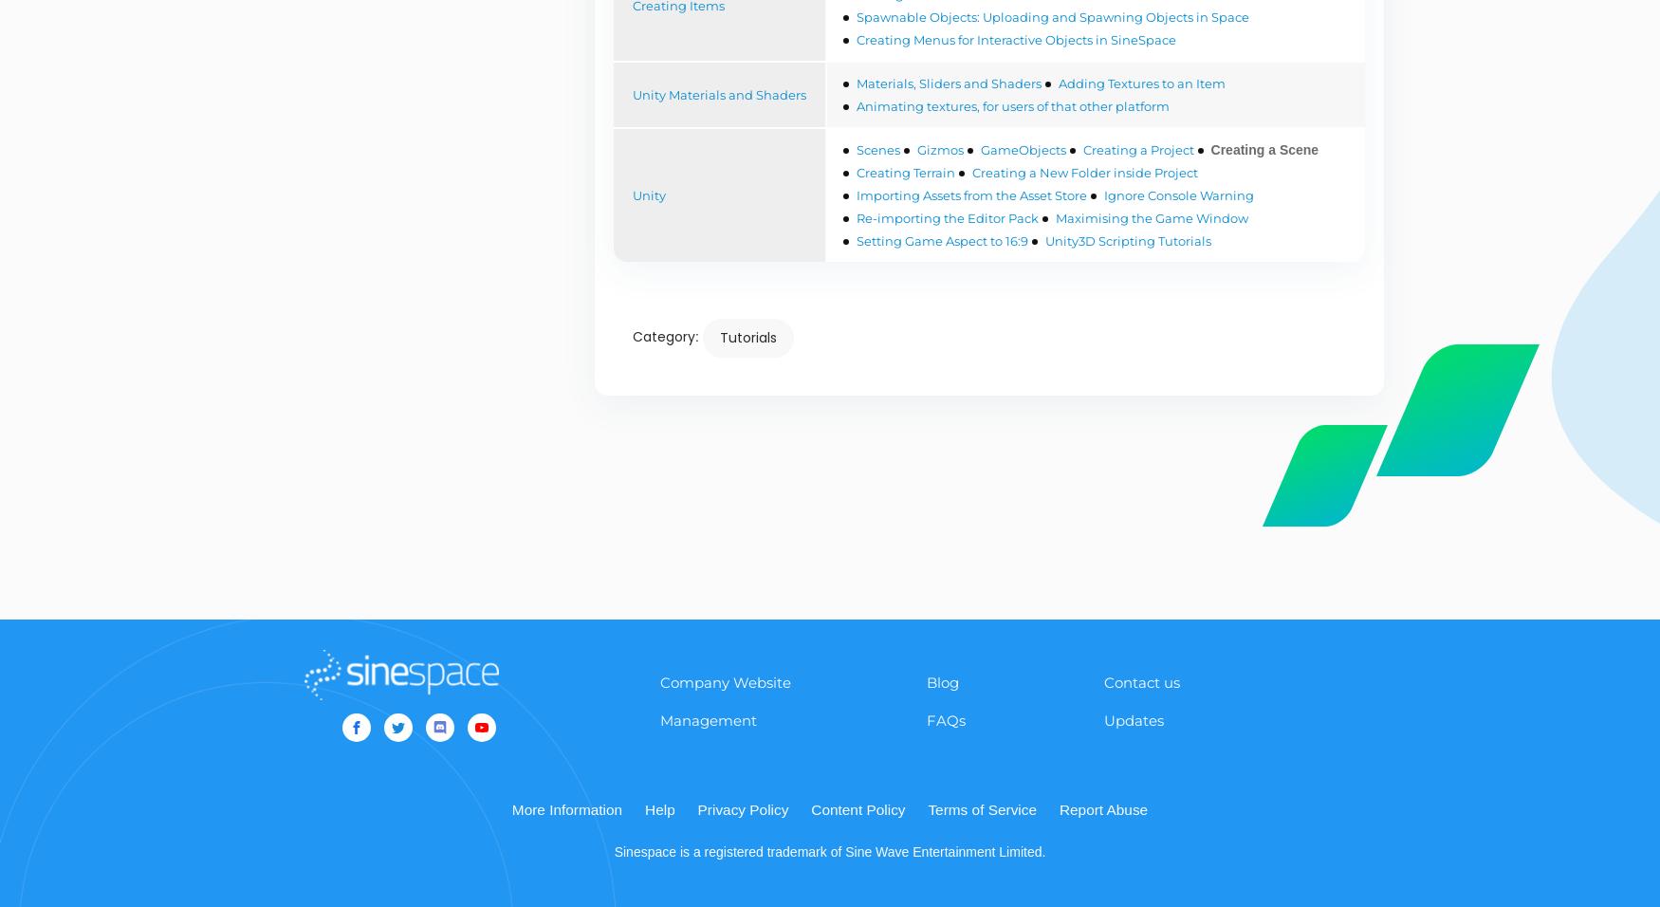 This screenshot has width=1660, height=907. What do you see at coordinates (659, 808) in the screenshot?
I see `'Help'` at bounding box center [659, 808].